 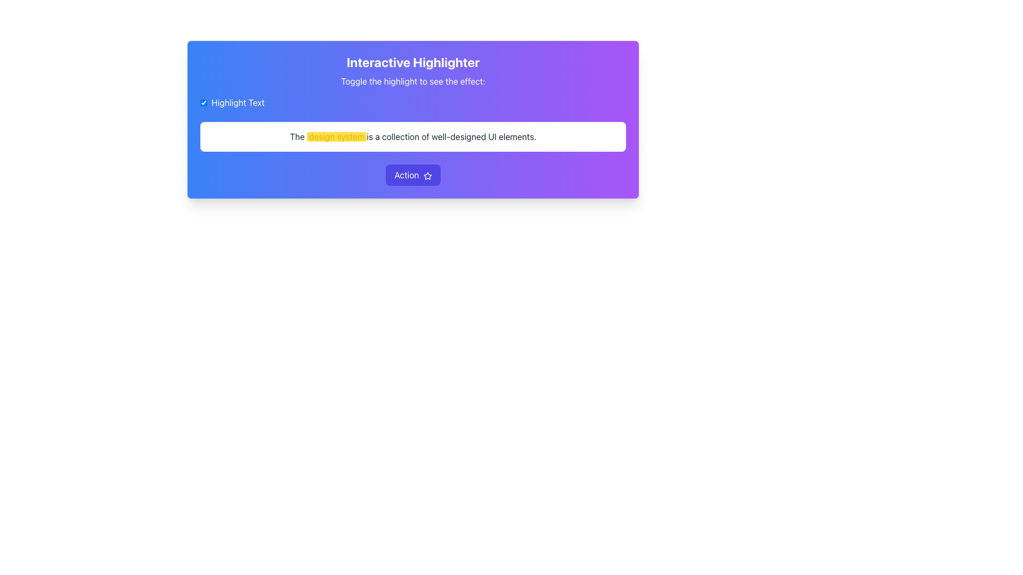 I want to click on the highlighted text displaying 'design system', which has a yellow foreground on a lighter yellow background, so click(x=336, y=136).